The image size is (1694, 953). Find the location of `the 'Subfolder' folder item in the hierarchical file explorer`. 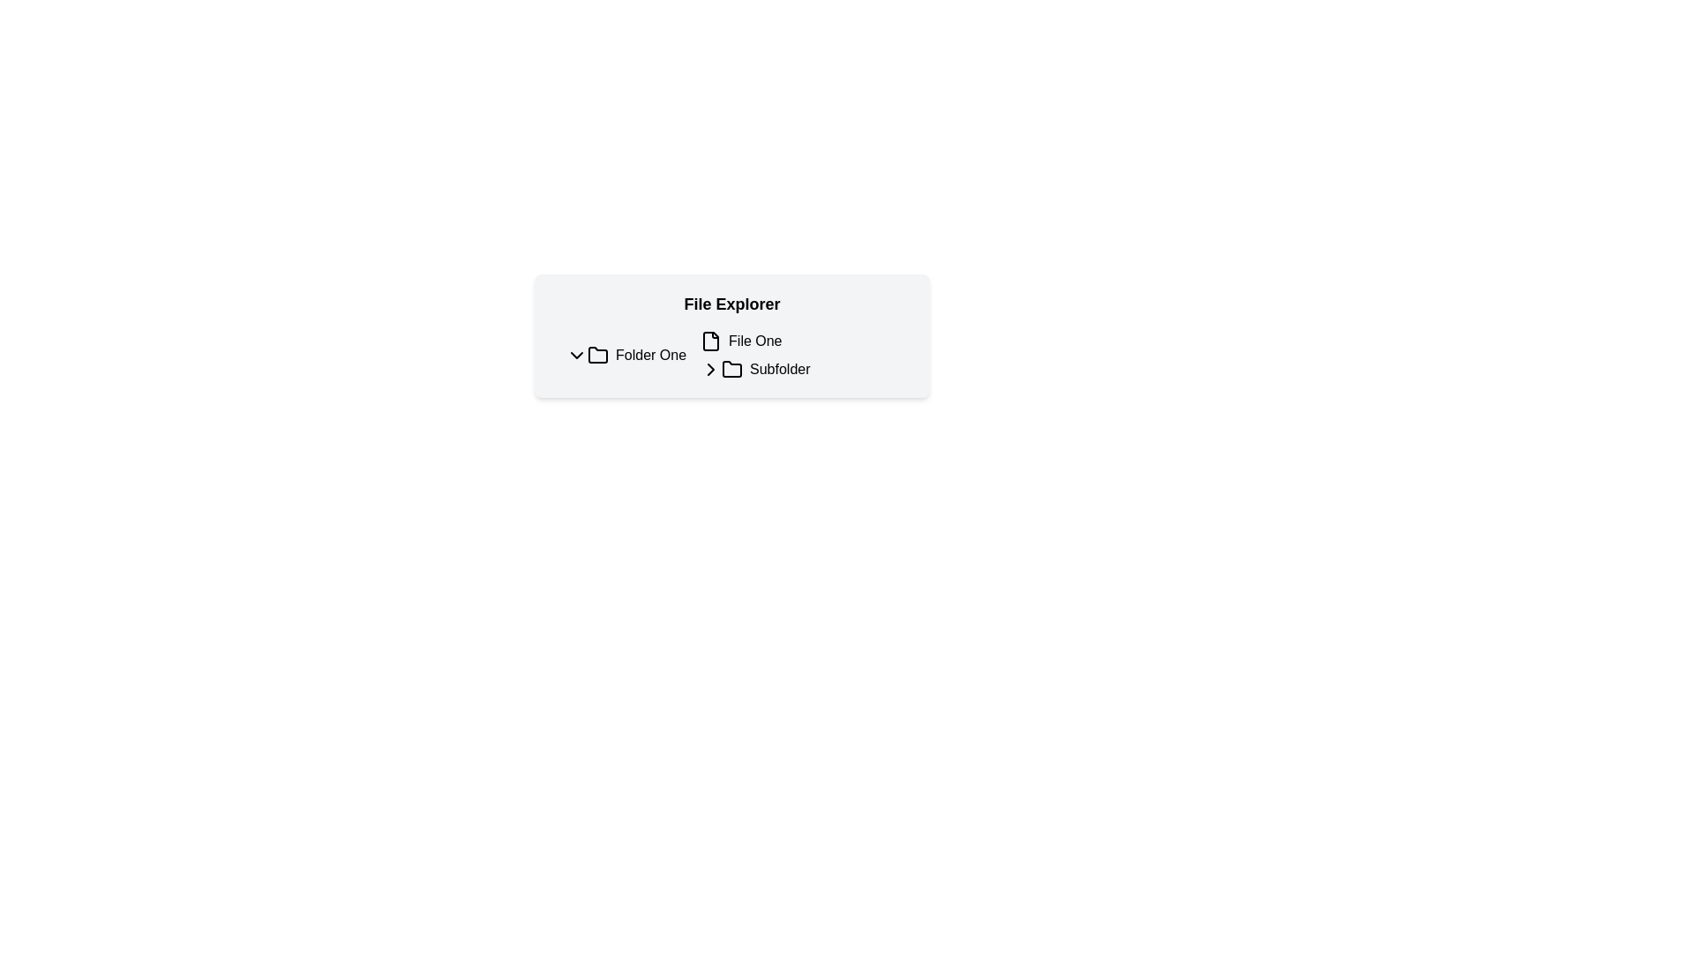

the 'Subfolder' folder item in the hierarchical file explorer is located at coordinates (748, 355).